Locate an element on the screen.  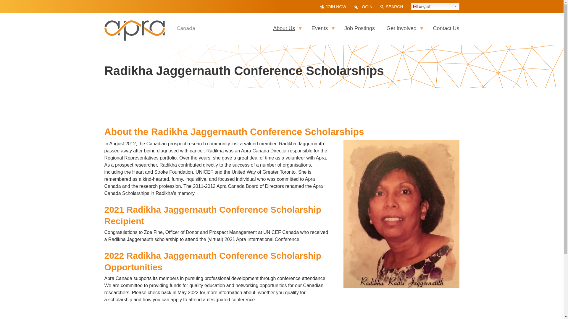
'Home' is located at coordinates (150, 23).